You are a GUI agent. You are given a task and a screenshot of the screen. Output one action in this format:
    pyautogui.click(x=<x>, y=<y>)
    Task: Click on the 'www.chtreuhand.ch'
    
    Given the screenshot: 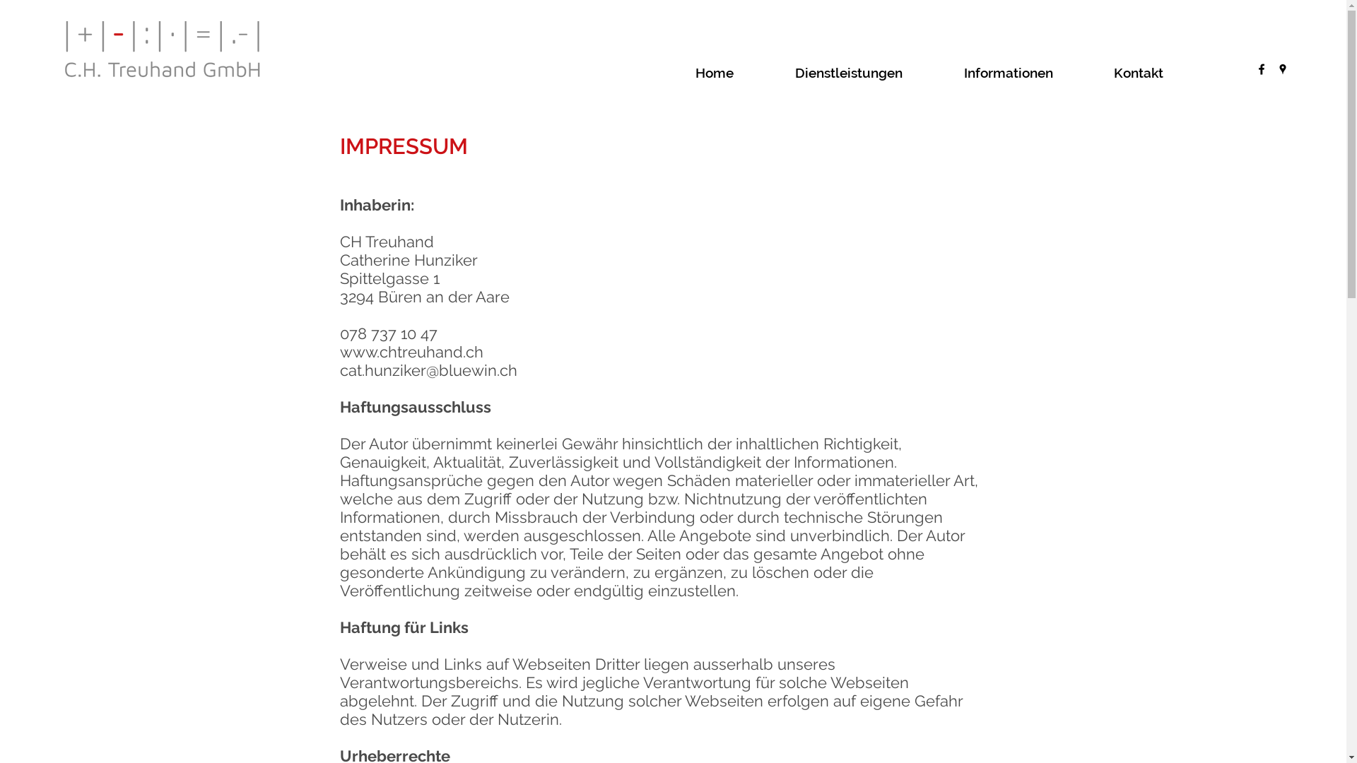 What is the action you would take?
    pyautogui.click(x=410, y=350)
    